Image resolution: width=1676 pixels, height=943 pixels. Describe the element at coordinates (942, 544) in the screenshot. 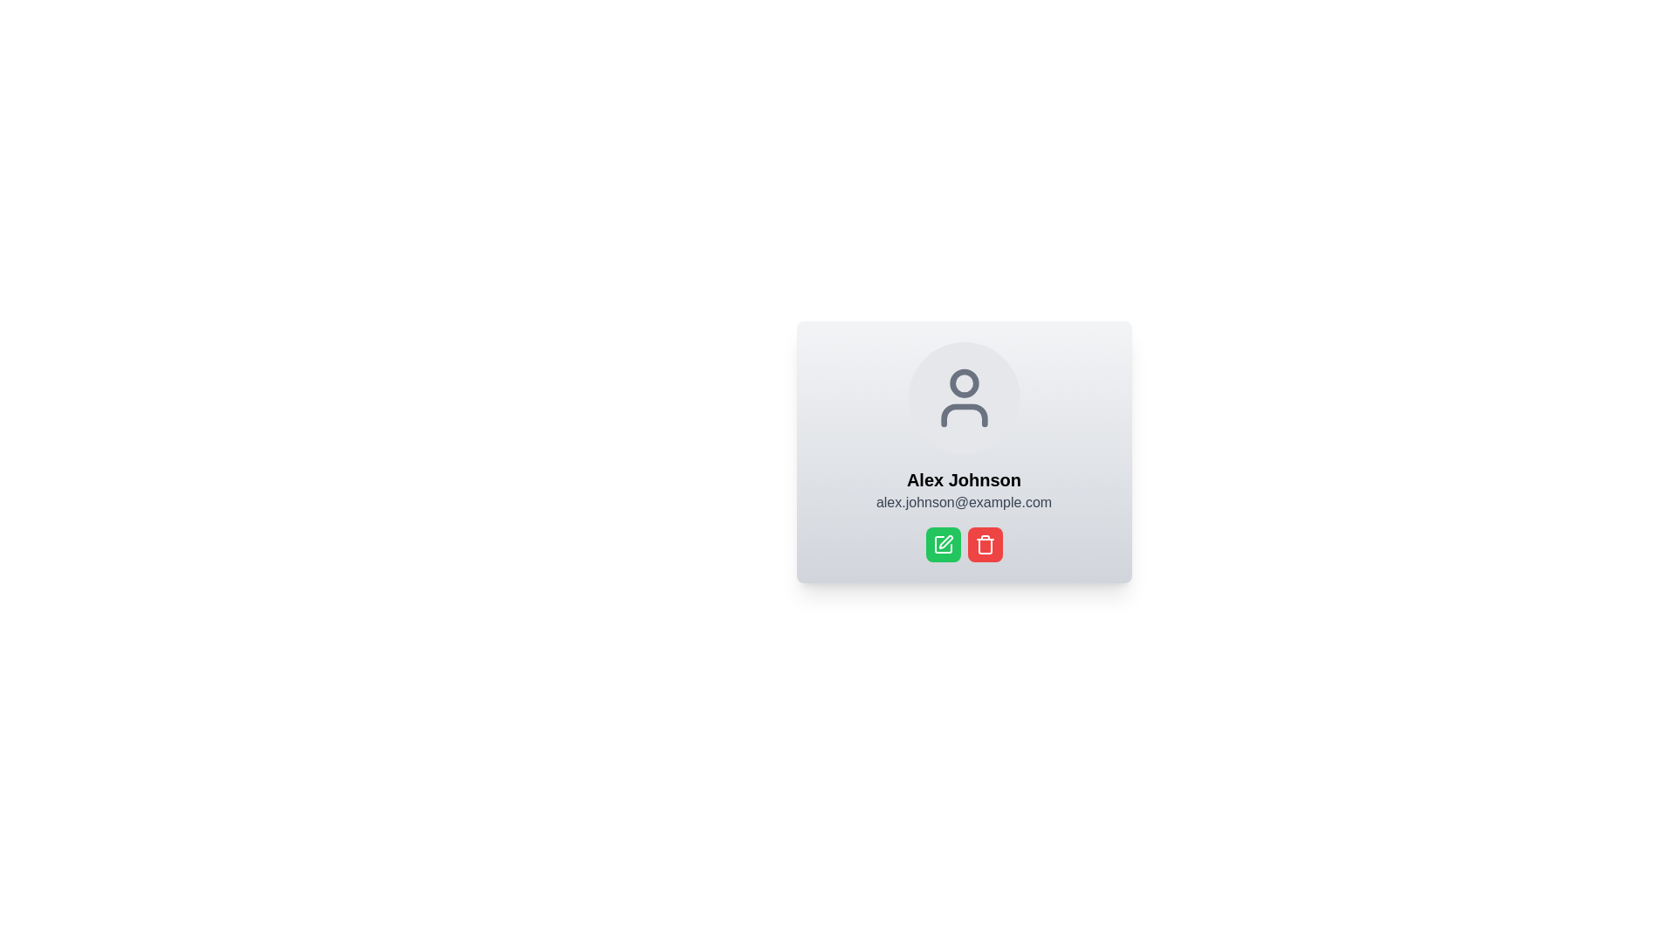

I see `the edit icon located to the left of the red trash bin icon, under the contact details of Alex Johnson` at that location.